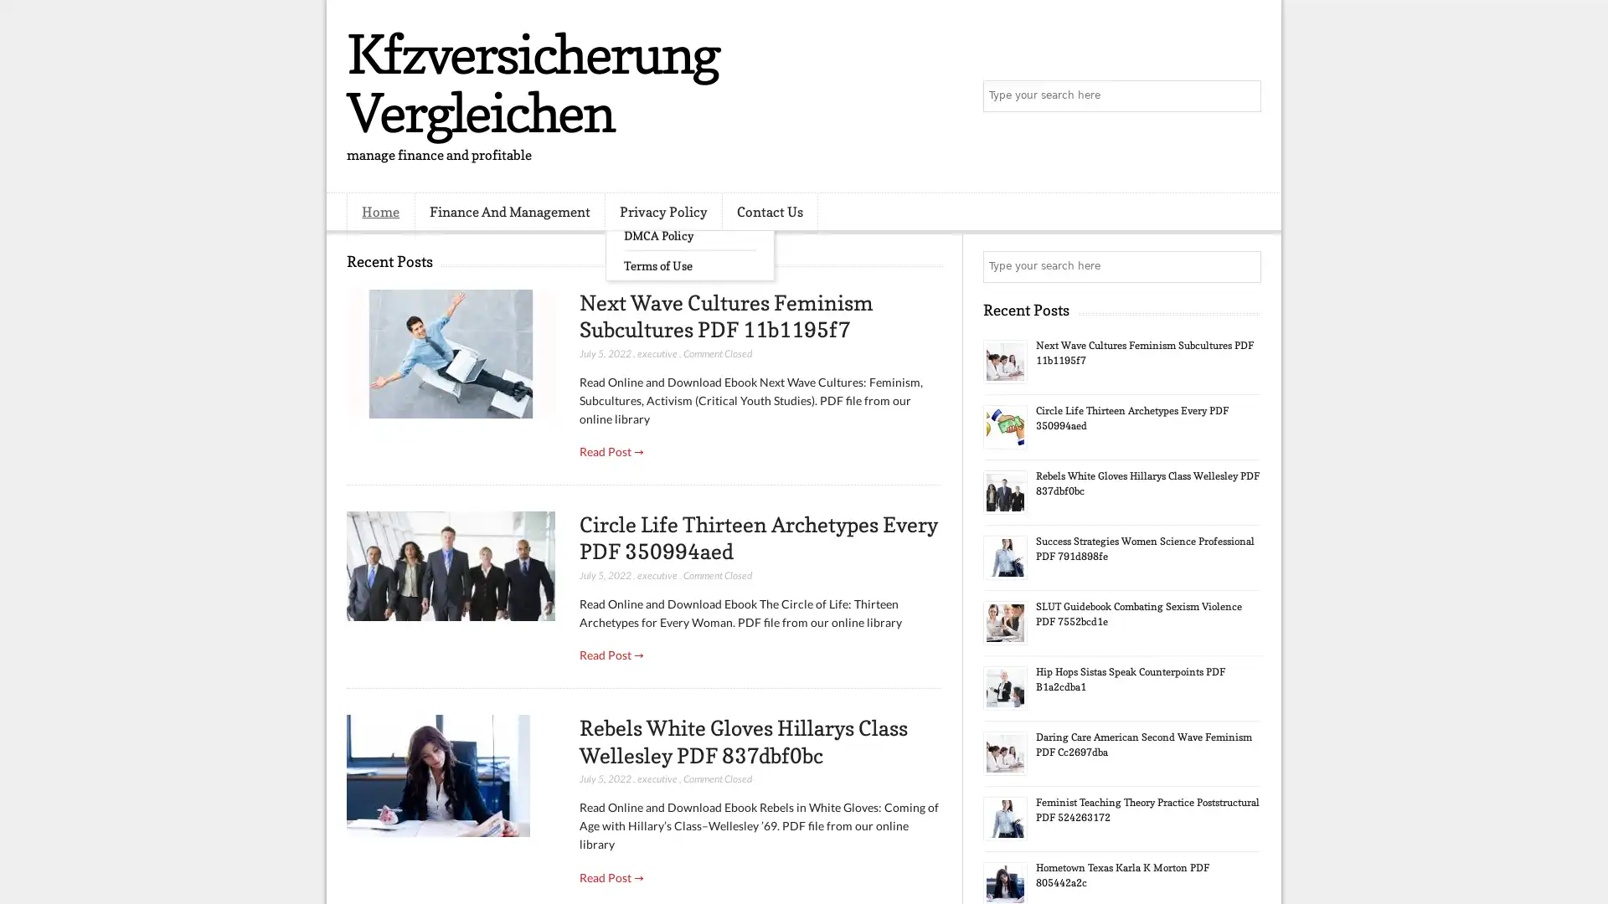 The image size is (1608, 904). I want to click on Search, so click(1244, 96).